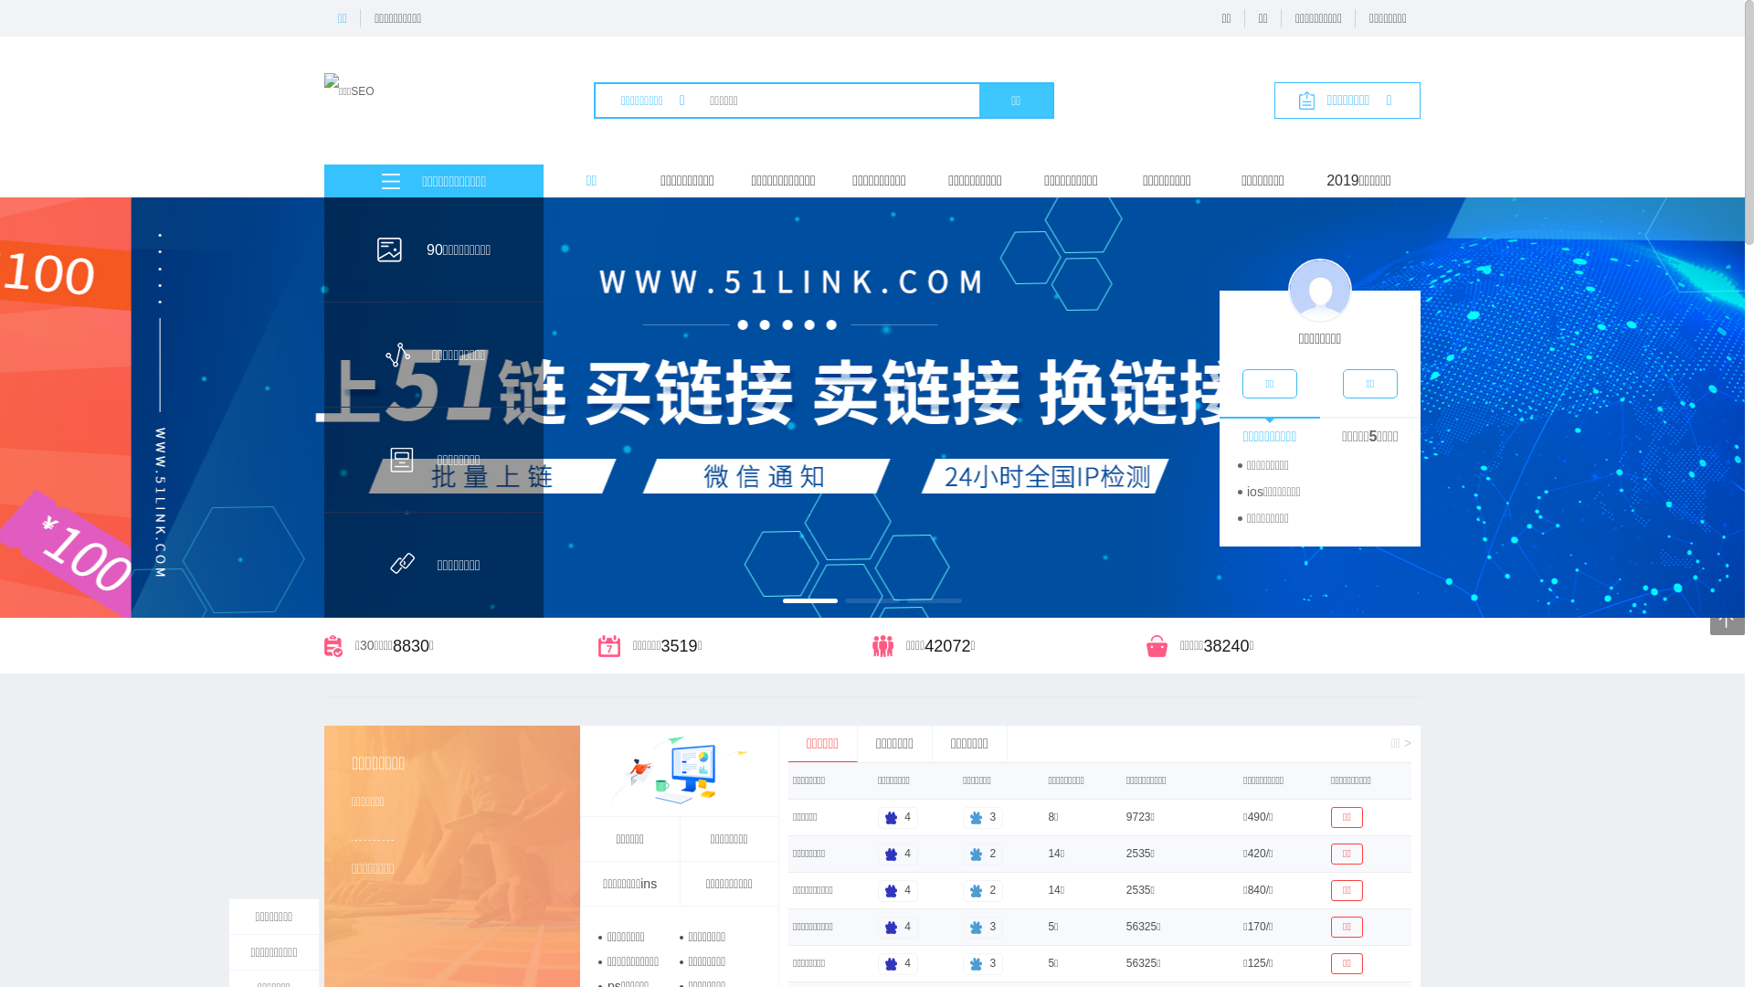 The image size is (1754, 987). Describe the element at coordinates (981, 961) in the screenshot. I see `'3'` at that location.